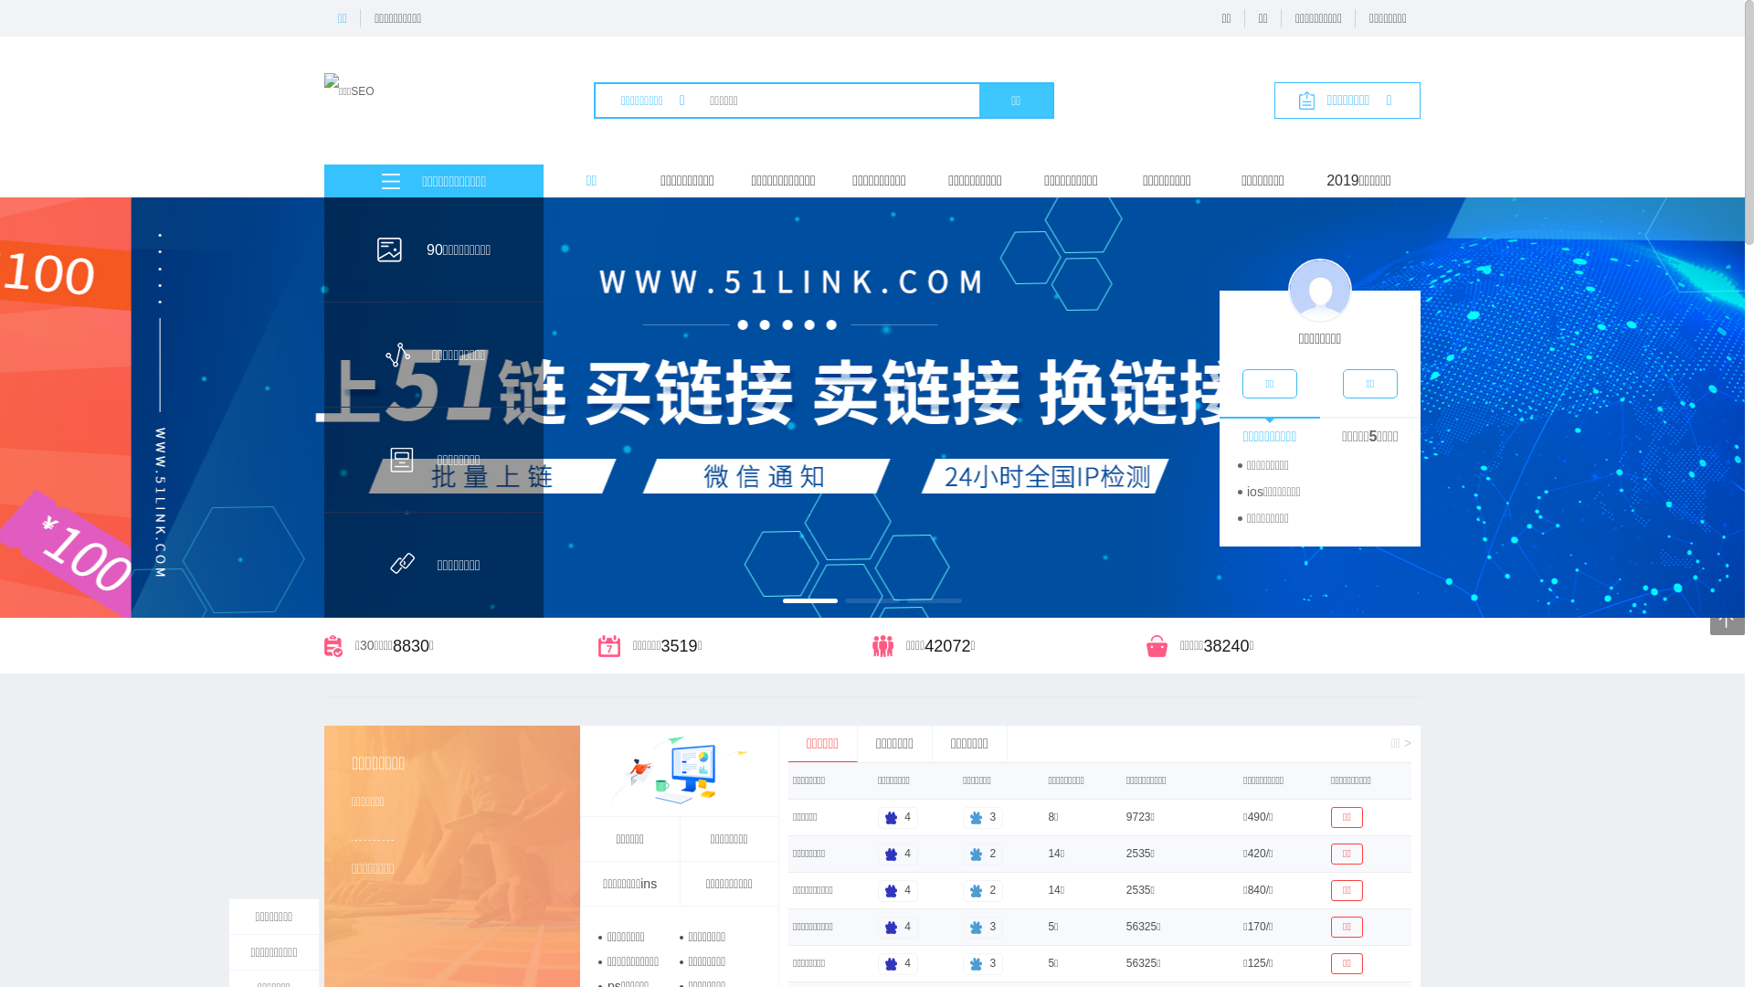 The image size is (1754, 987). Describe the element at coordinates (981, 961) in the screenshot. I see `'3'` at that location.